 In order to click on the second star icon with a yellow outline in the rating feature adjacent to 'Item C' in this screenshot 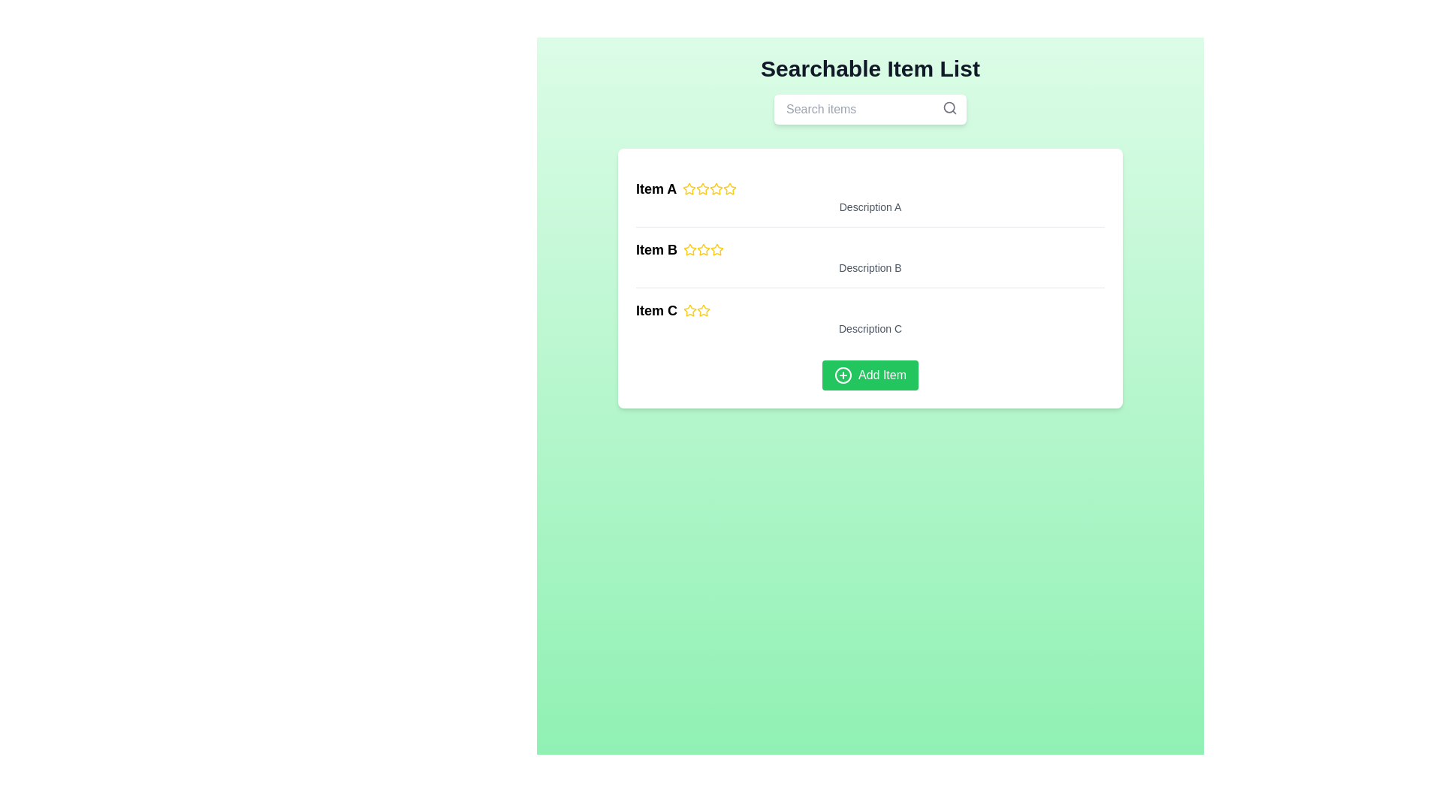, I will do `click(702, 309)`.